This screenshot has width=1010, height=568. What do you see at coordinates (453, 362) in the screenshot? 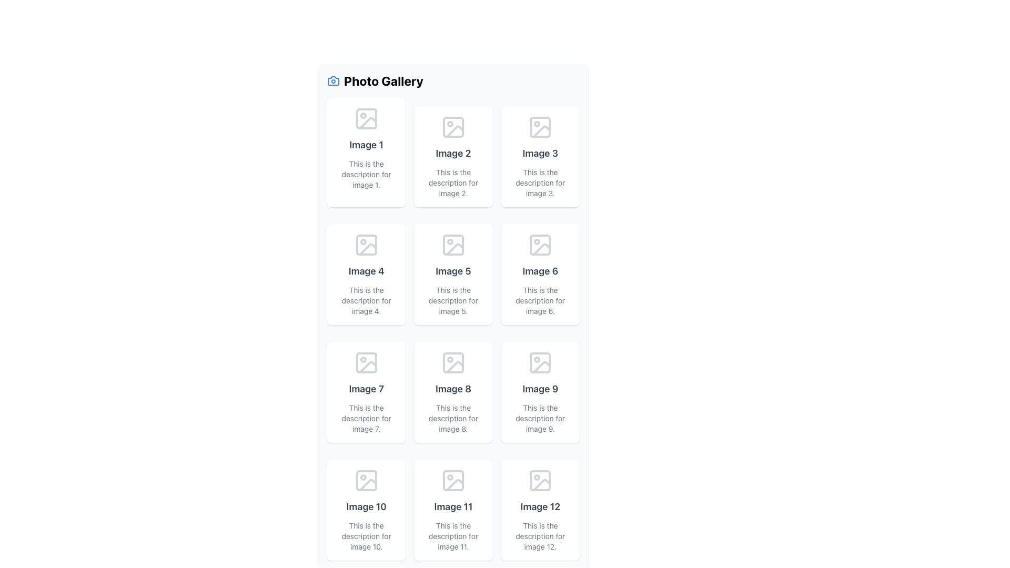
I see `the image thumbnail icon in the photo gallery, located in the second row and third column, labeled 'Image 8'` at bounding box center [453, 362].